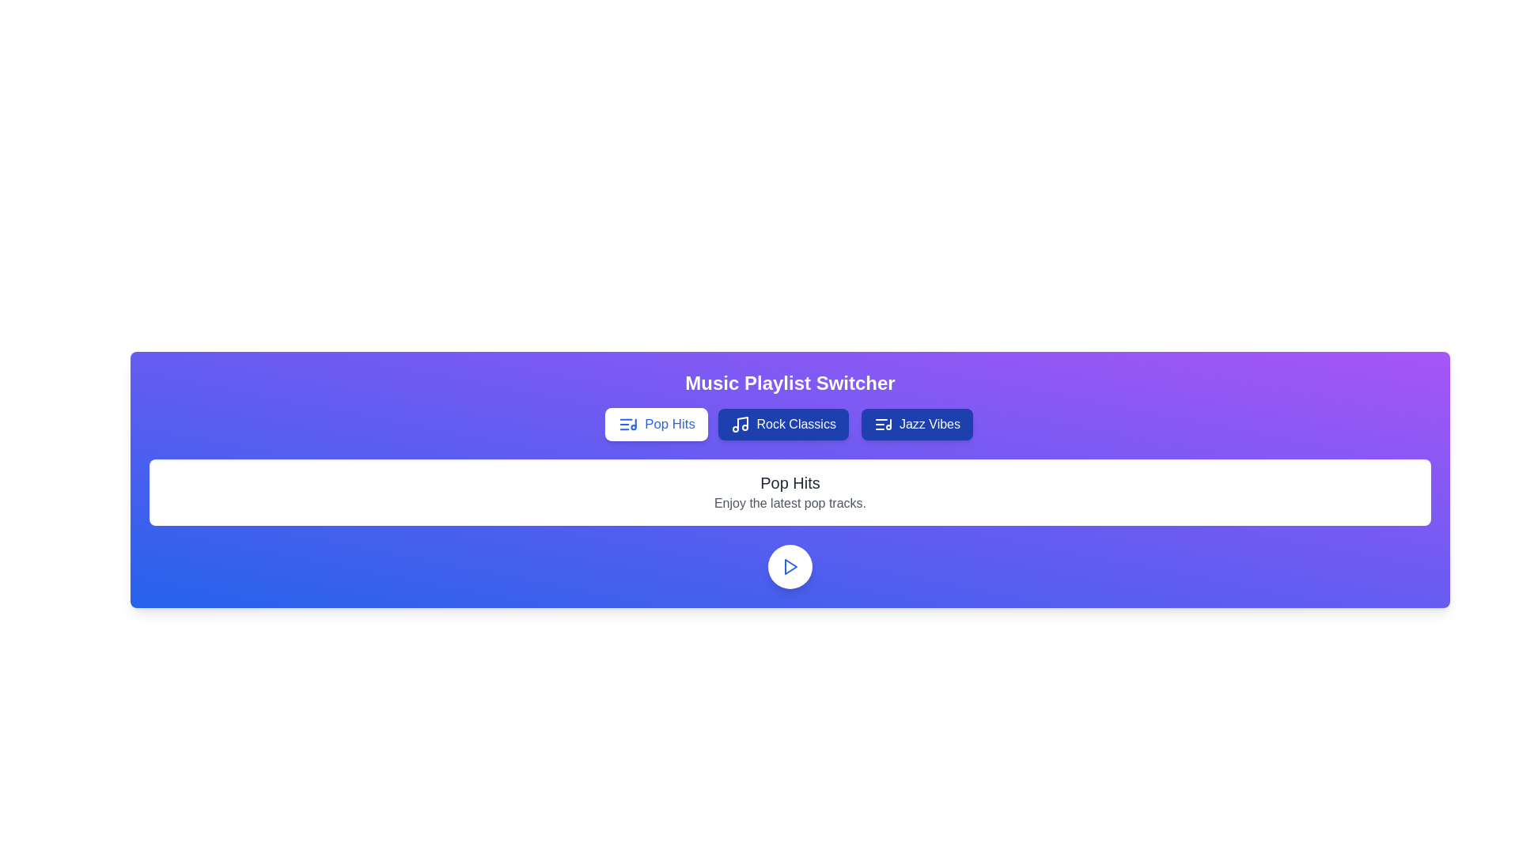 Image resolution: width=1519 pixels, height=854 pixels. I want to click on the musical notes icon, which is styled in a modern format with a blue background and is located within the 'Rock Classics' button, positioned between the 'Pop Hits' and 'Jazz Vibes' buttons, so click(740, 423).